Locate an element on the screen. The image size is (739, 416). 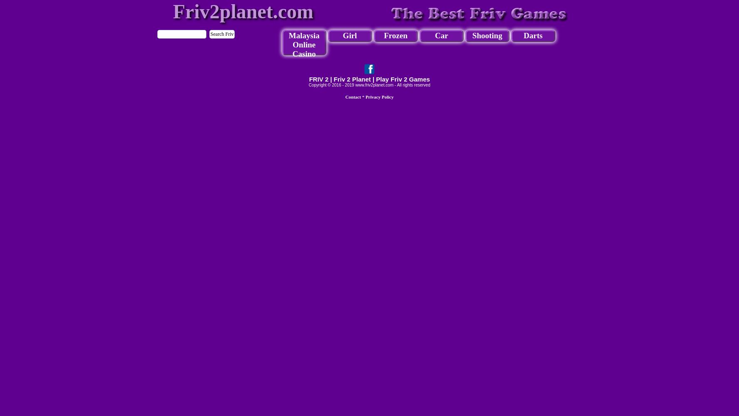
'Contact' is located at coordinates (352, 97).